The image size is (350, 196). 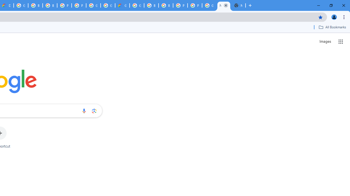 What do you see at coordinates (84, 111) in the screenshot?
I see `'Search by voice'` at bounding box center [84, 111].